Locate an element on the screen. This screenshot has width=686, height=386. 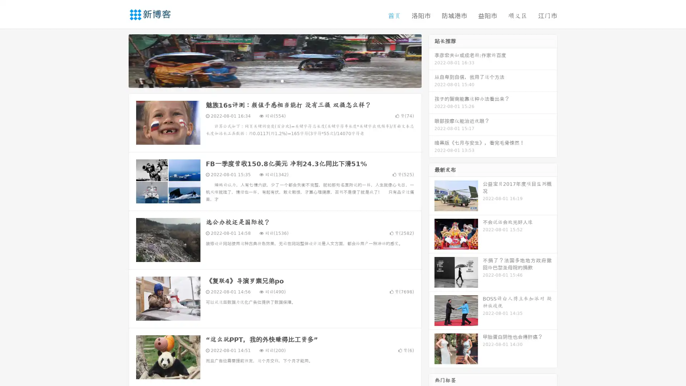
Next slide is located at coordinates (432, 60).